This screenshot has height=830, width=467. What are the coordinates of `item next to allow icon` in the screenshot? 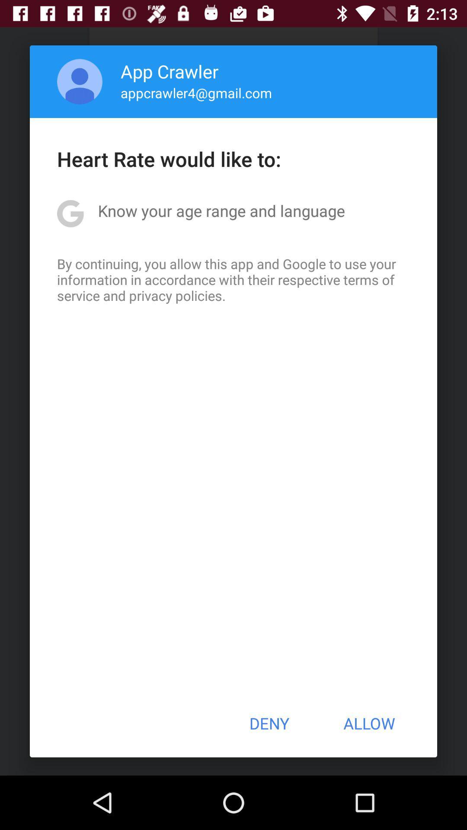 It's located at (269, 723).